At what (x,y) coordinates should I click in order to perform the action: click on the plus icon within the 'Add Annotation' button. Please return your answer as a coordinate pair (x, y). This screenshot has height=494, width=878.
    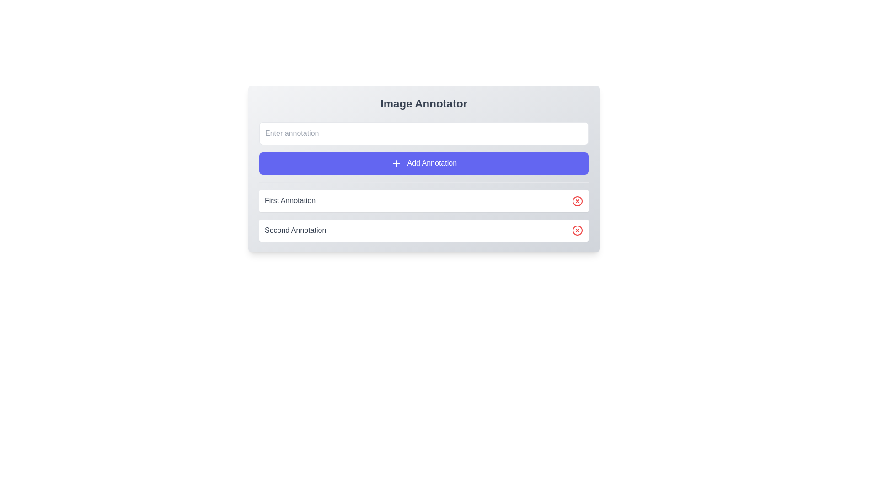
    Looking at the image, I should click on (396, 163).